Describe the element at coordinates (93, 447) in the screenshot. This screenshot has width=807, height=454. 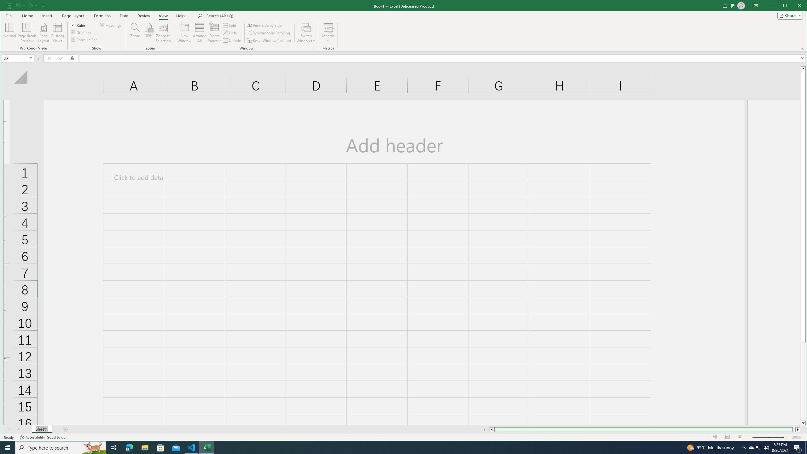
I see `'Search highlights icon opens search home window'` at that location.